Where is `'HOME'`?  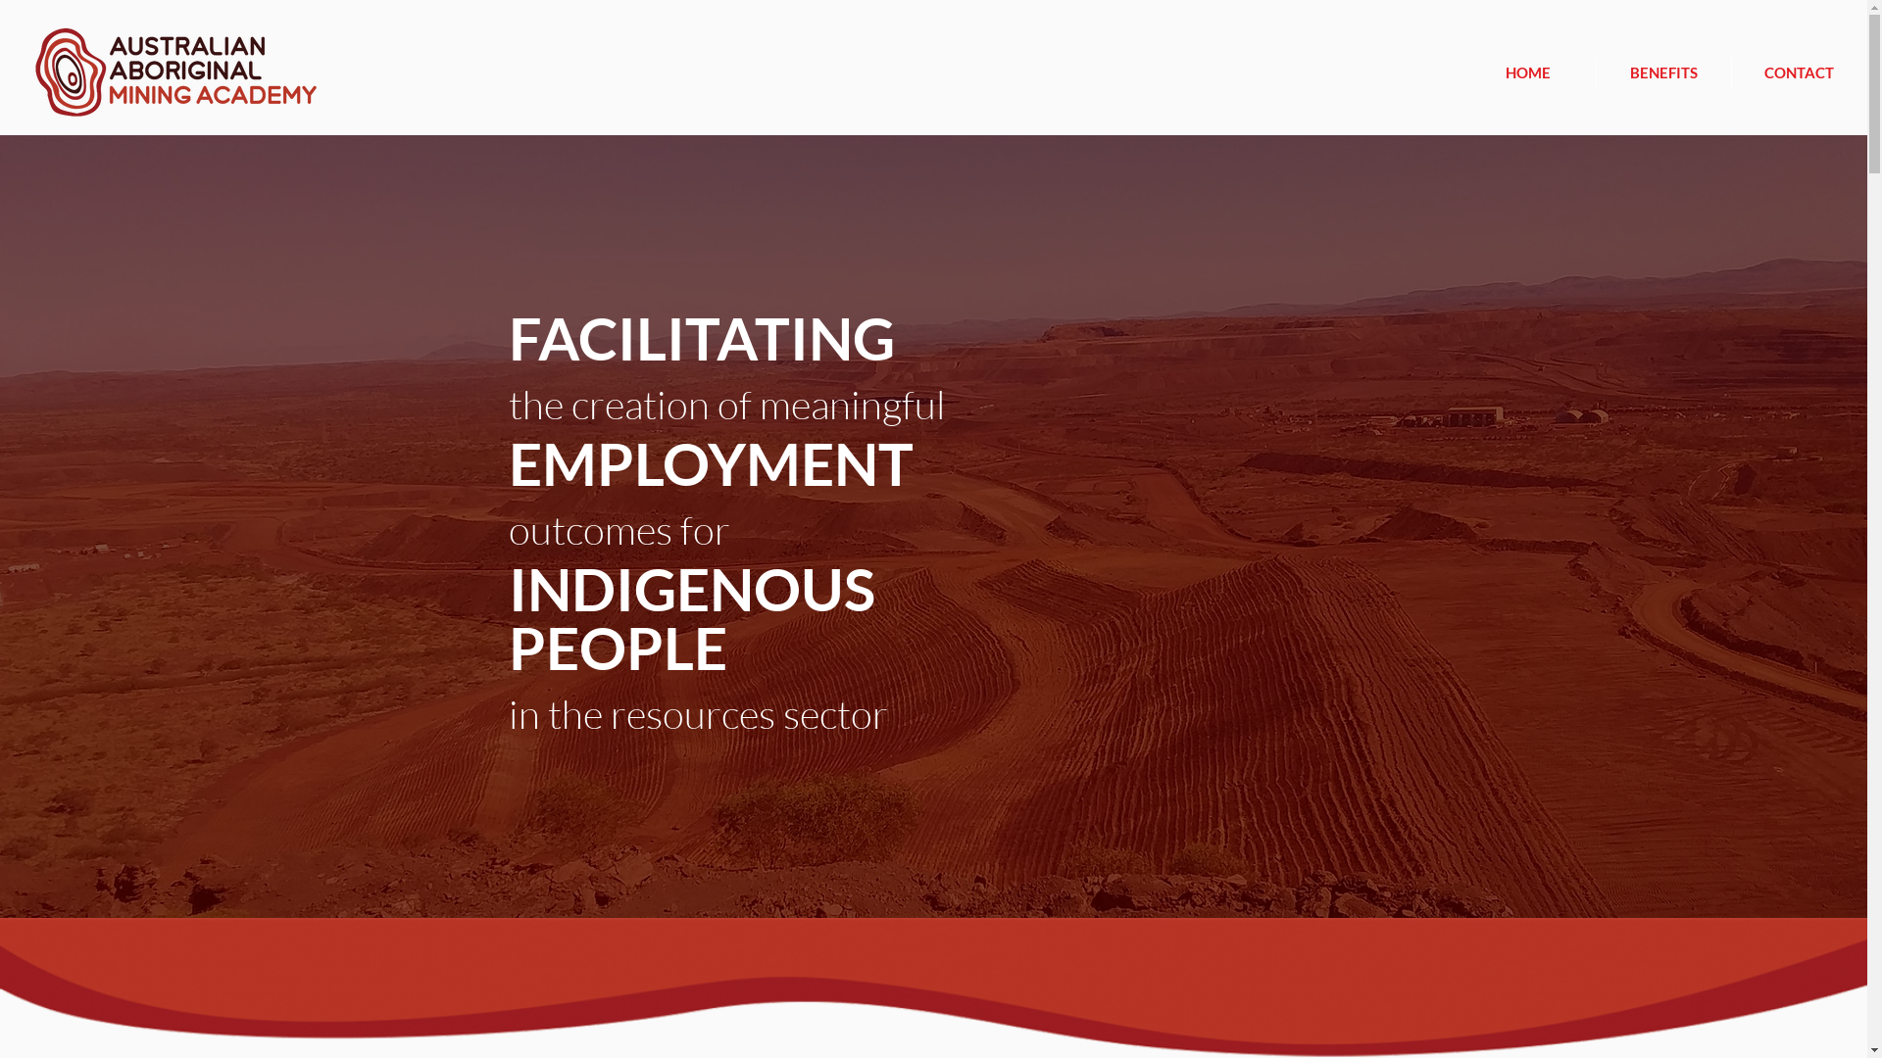 'HOME' is located at coordinates (1526, 71).